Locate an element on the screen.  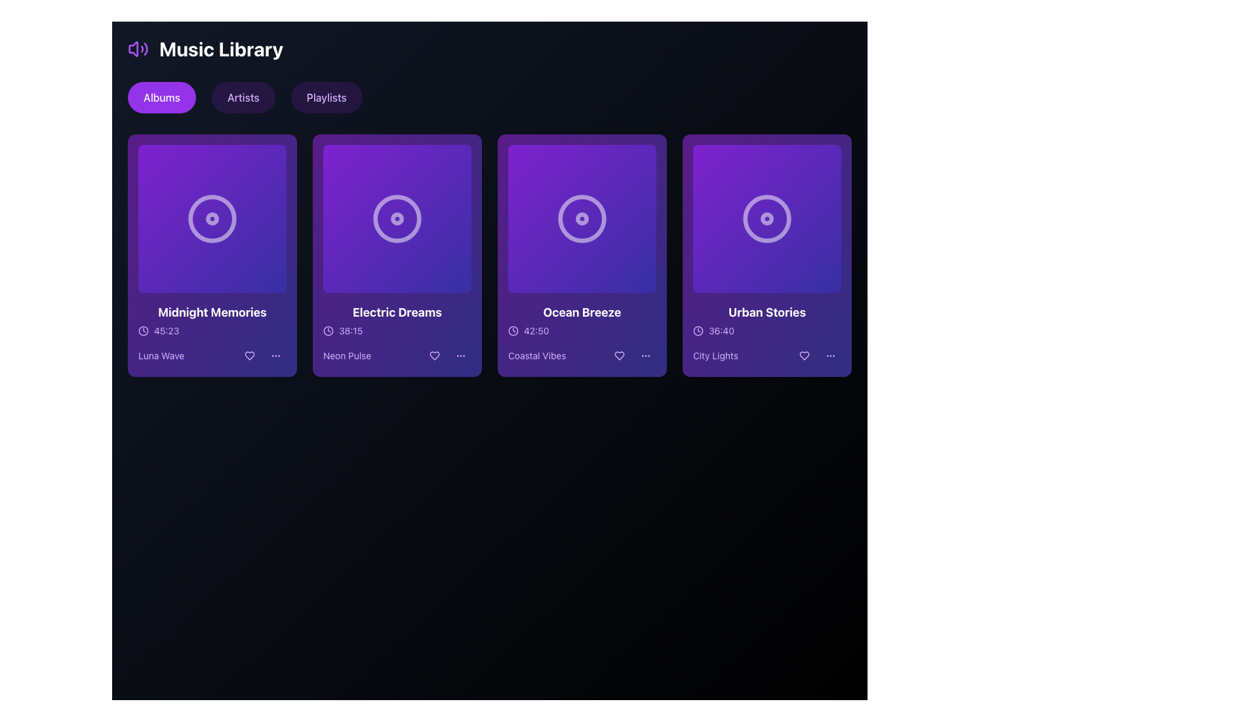
the Interactive tile or card component under the 'Albums' heading in the 'Music Library' section is located at coordinates (212, 218).